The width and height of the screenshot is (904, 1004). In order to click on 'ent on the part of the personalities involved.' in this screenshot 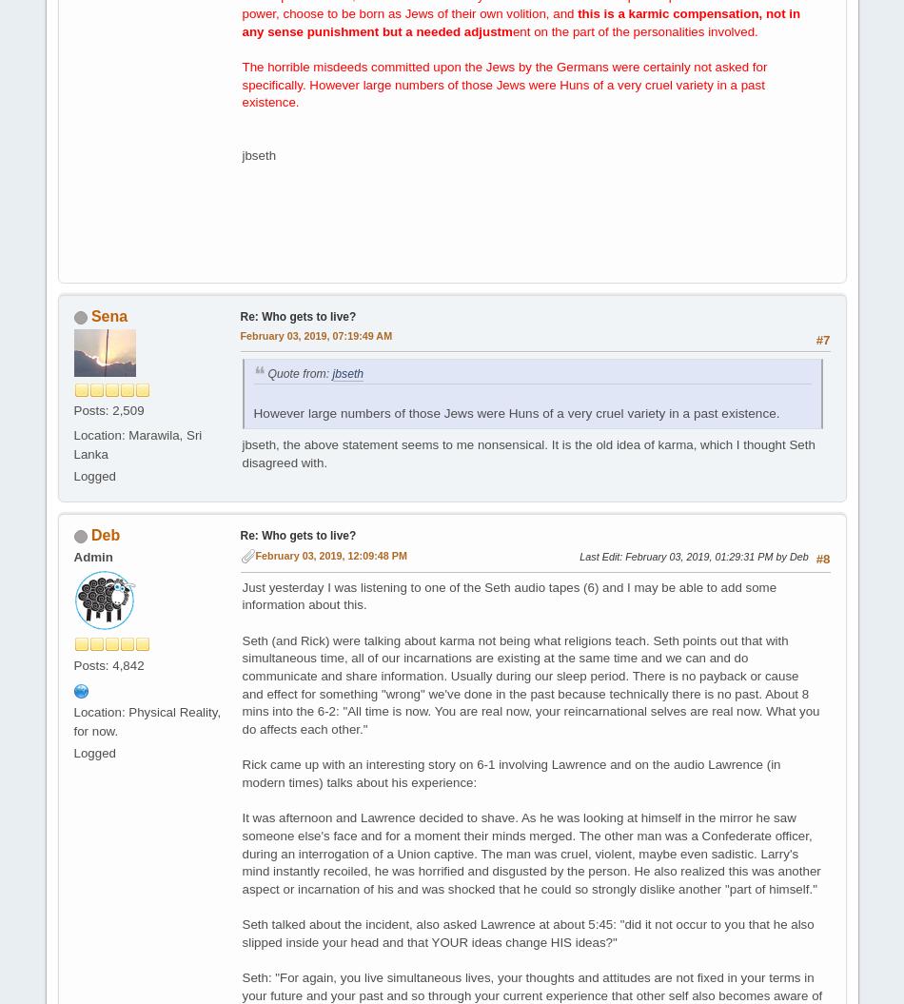, I will do `click(511, 30)`.